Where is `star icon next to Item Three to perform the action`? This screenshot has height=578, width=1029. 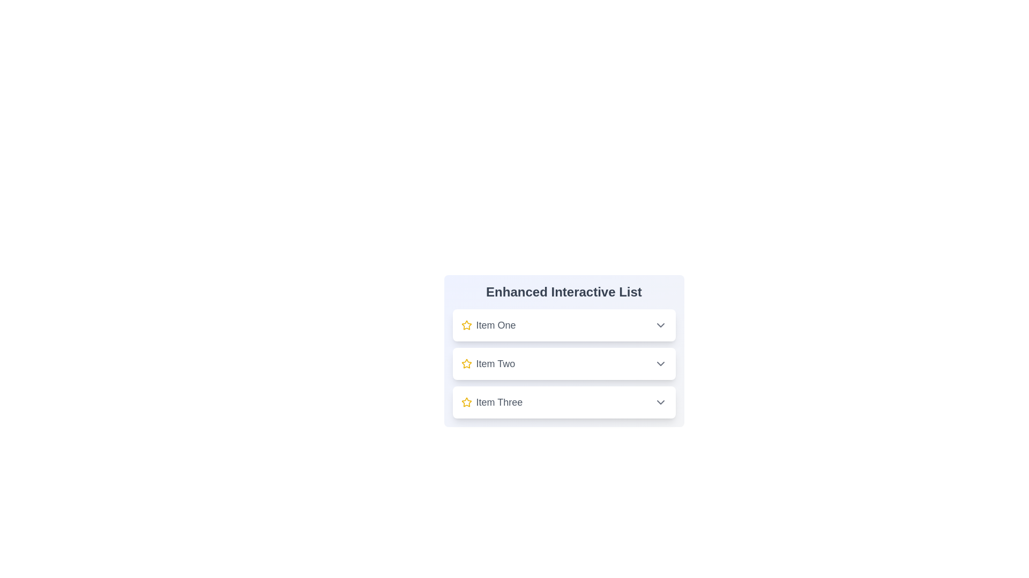
star icon next to Item Three to perform the action is located at coordinates (466, 402).